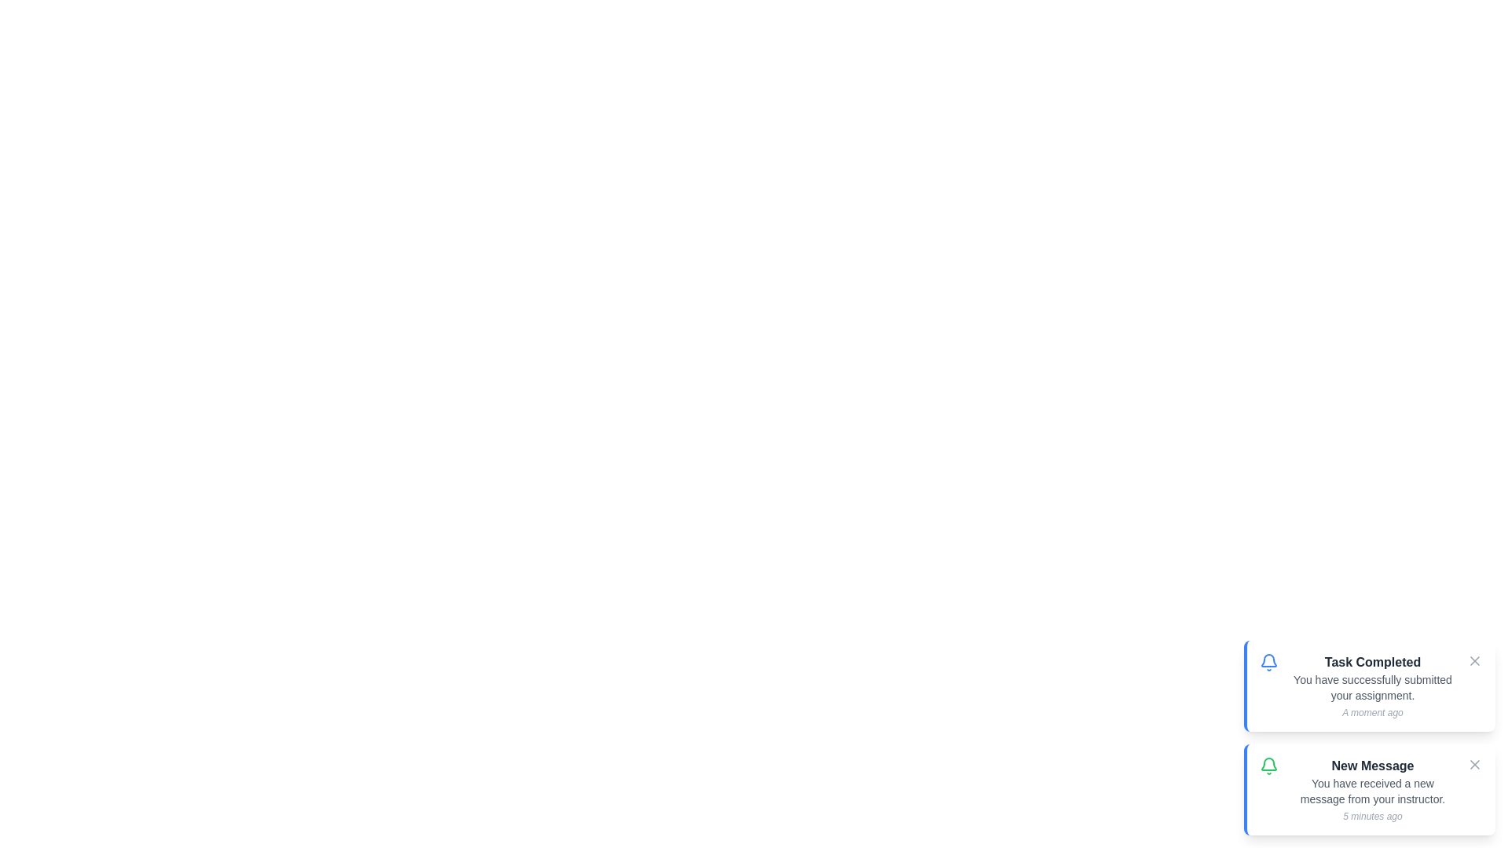 The width and height of the screenshot is (1508, 848). What do you see at coordinates (1371, 712) in the screenshot?
I see `the timestamp text of the notification` at bounding box center [1371, 712].